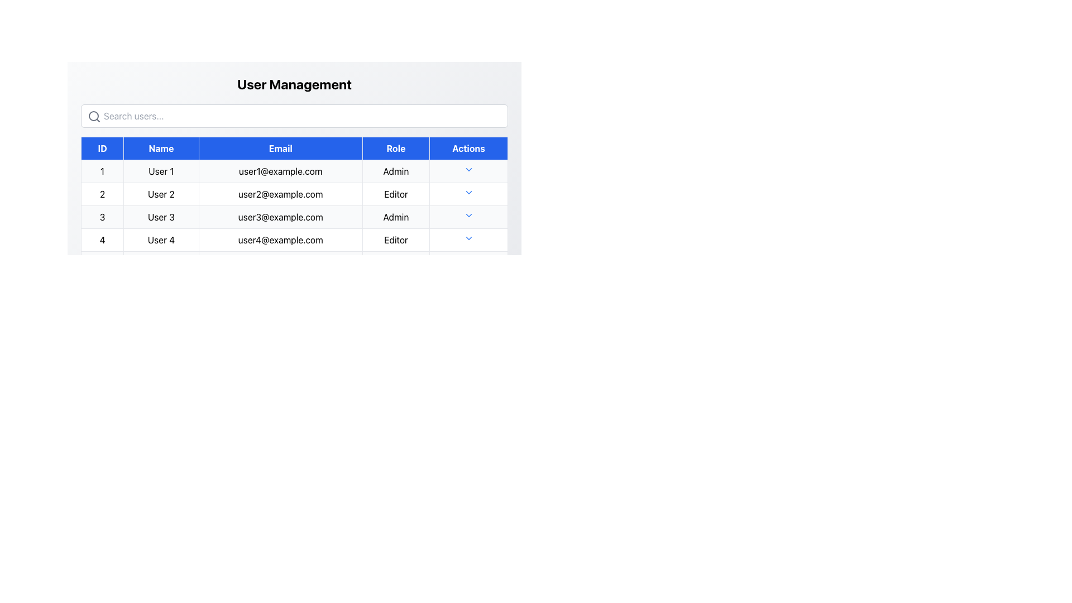  I want to click on the ID number cell of the second user in the user management table, located in the leftmost cell of the second row under the 'ID' column, so click(102, 193).